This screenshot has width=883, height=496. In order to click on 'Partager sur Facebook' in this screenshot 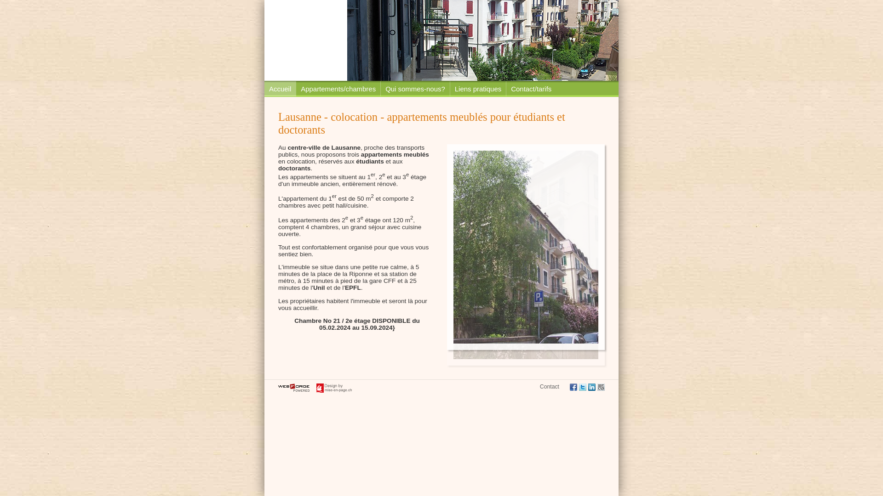, I will do `click(569, 388)`.